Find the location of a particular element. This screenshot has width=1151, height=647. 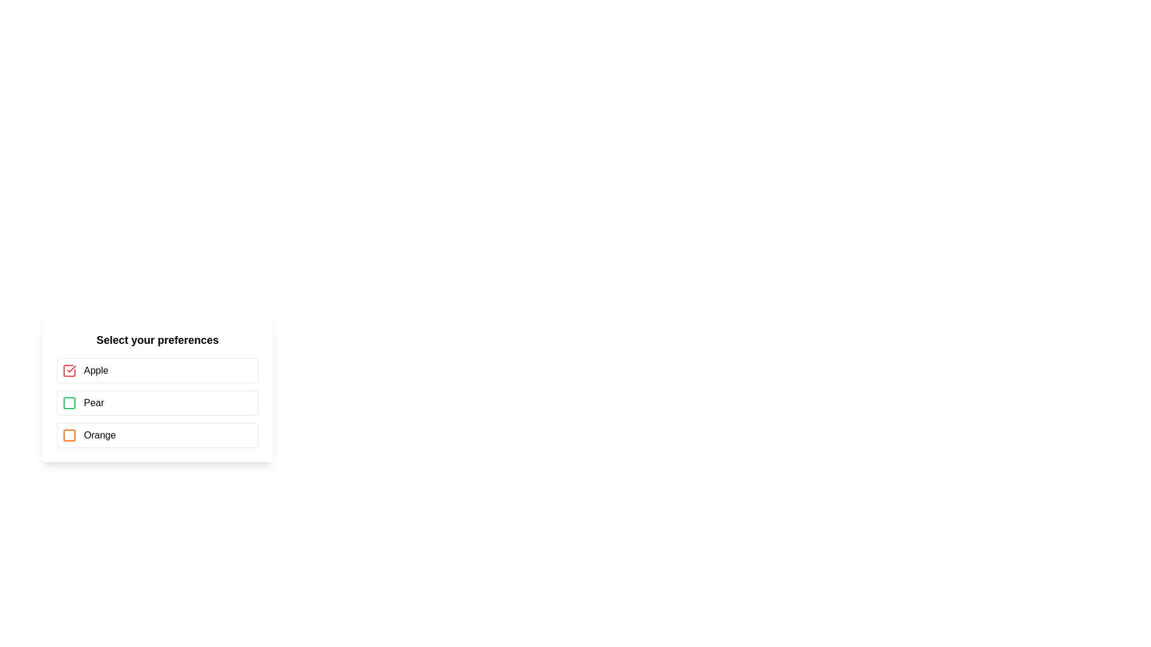

the checkbox associated with the 'Orange' text label is located at coordinates (100, 435).